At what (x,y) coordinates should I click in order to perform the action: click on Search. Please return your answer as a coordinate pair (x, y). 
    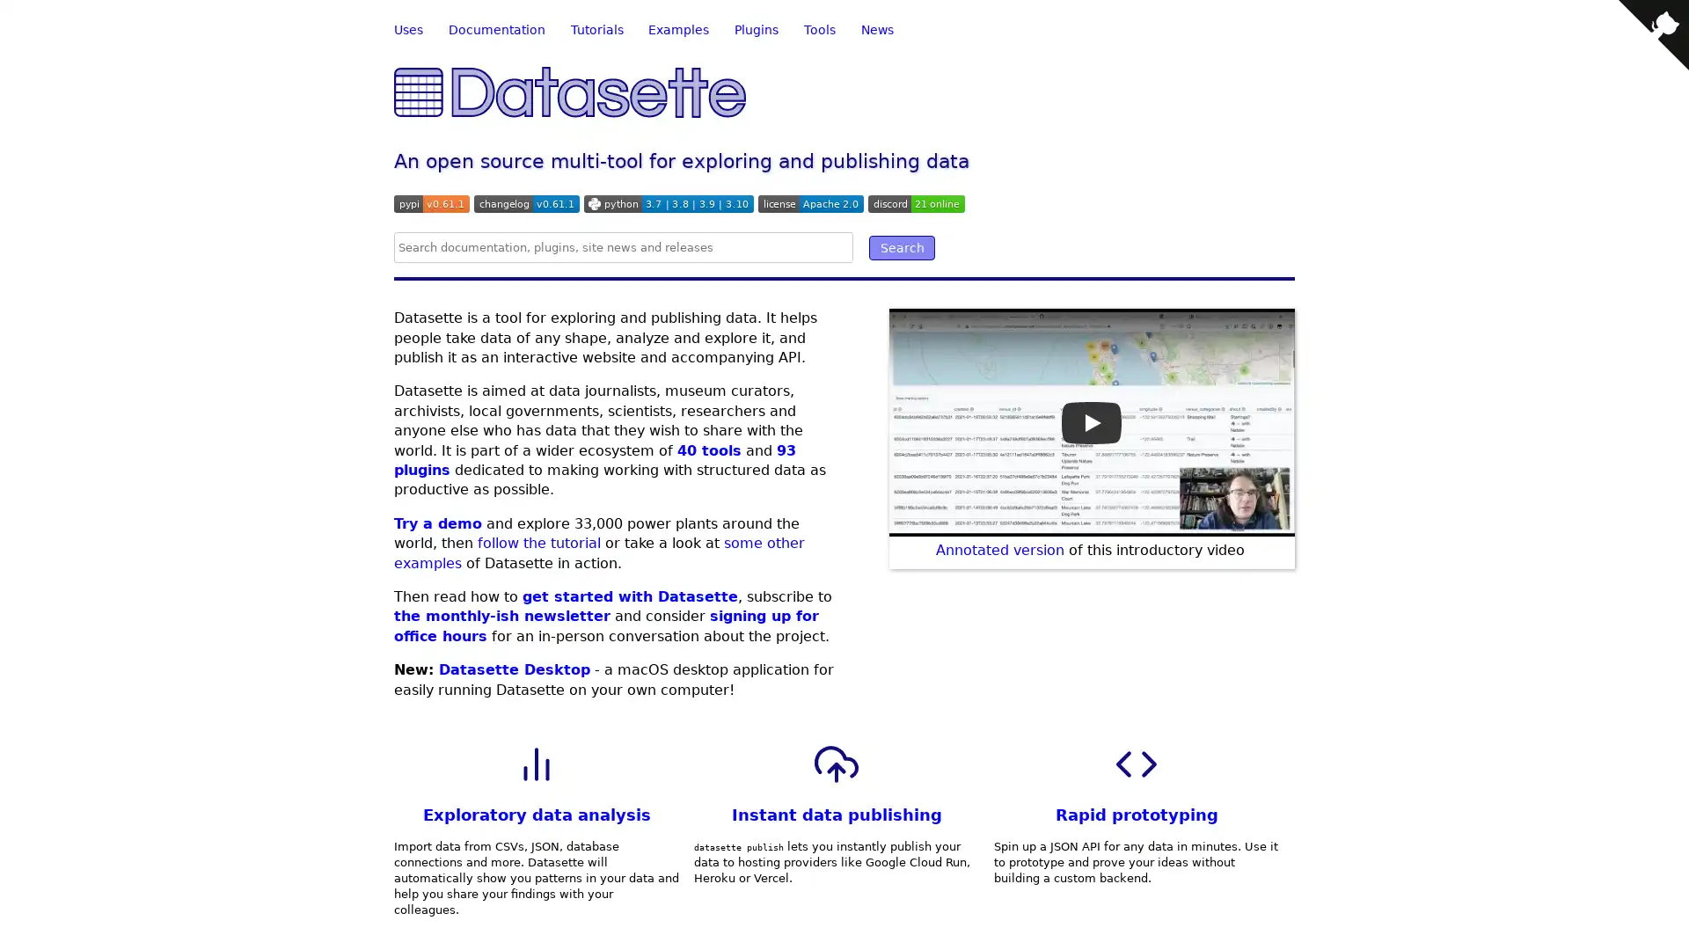
    Looking at the image, I should click on (902, 247).